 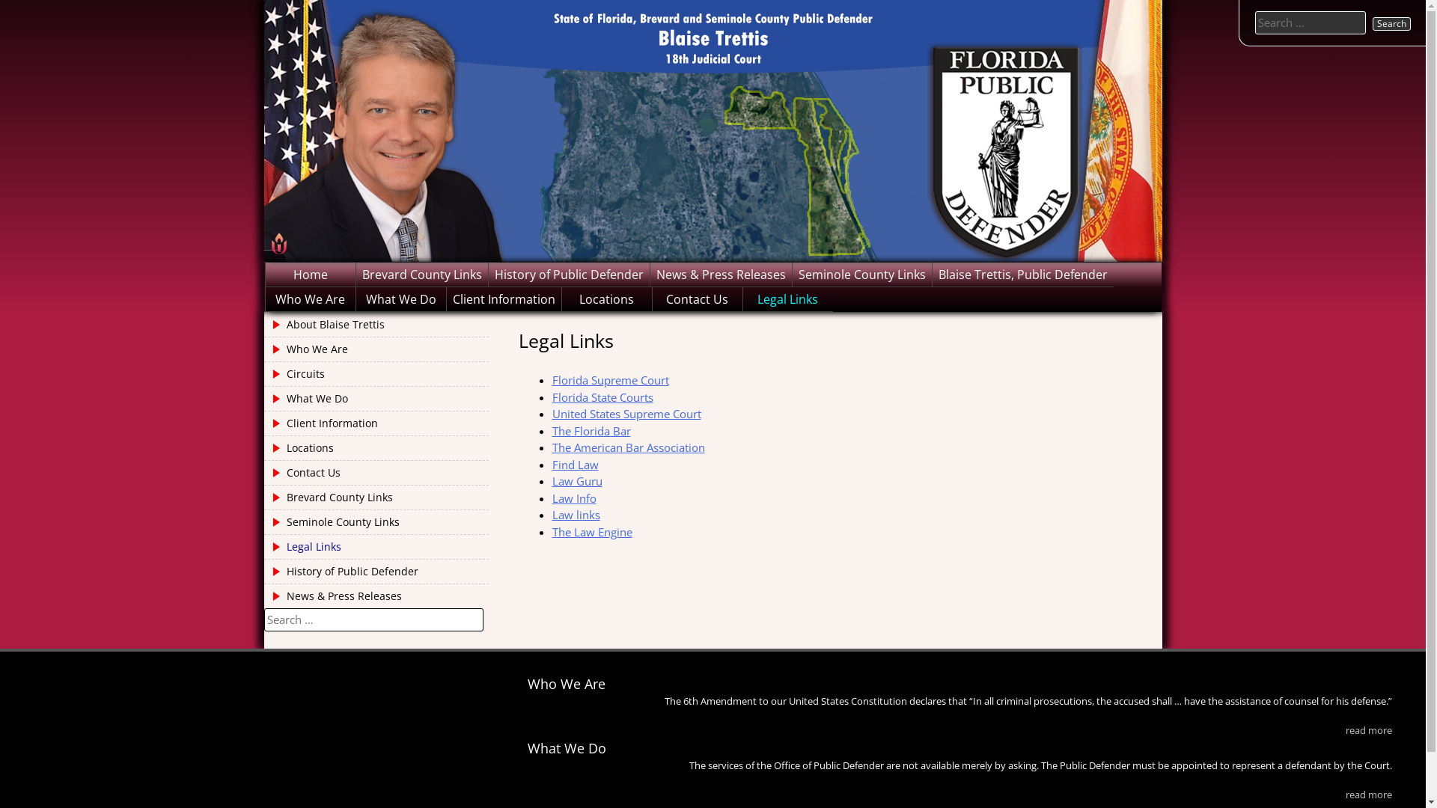 What do you see at coordinates (376, 571) in the screenshot?
I see `'History of Public Defender'` at bounding box center [376, 571].